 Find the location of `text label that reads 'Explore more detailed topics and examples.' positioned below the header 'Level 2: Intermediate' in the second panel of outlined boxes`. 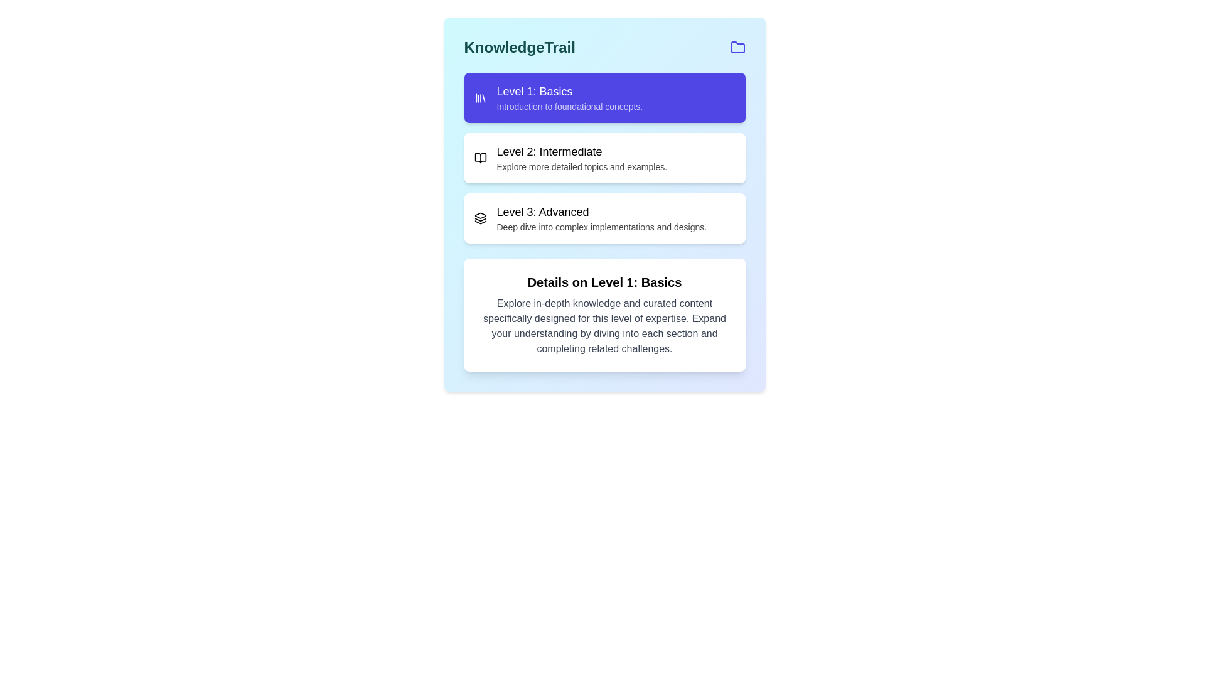

text label that reads 'Explore more detailed topics and examples.' positioned below the header 'Level 2: Intermediate' in the second panel of outlined boxes is located at coordinates (581, 166).